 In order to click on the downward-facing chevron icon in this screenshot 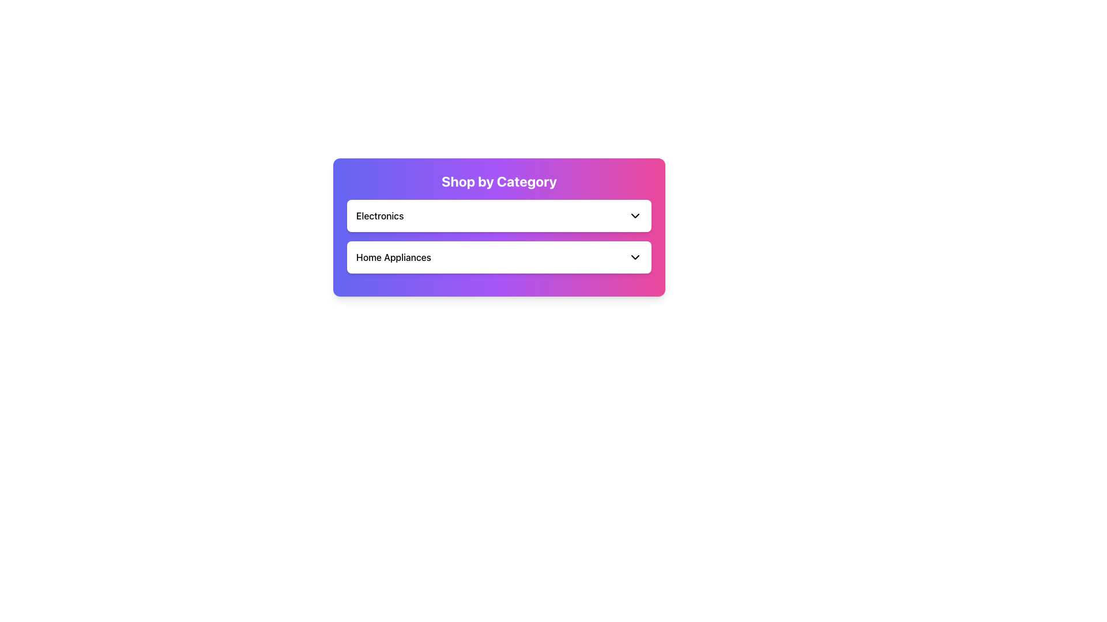, I will do `click(635, 257)`.